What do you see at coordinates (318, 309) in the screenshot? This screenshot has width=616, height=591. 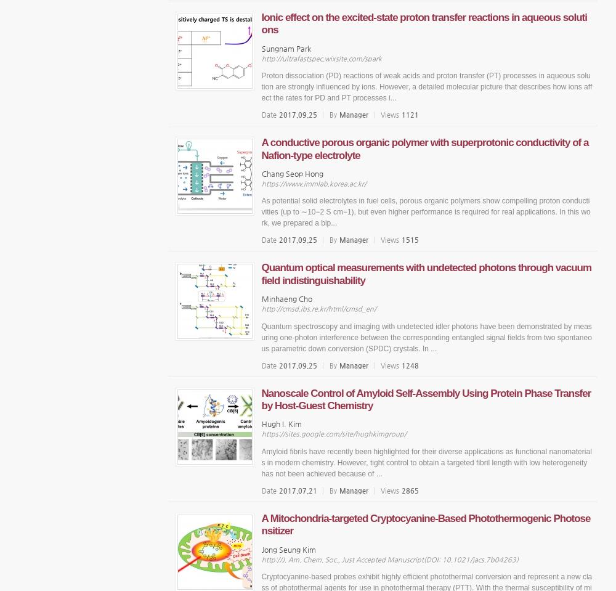 I see `'http://cmsd.ibs.re.kr/html/cmsd_en/'` at bounding box center [318, 309].